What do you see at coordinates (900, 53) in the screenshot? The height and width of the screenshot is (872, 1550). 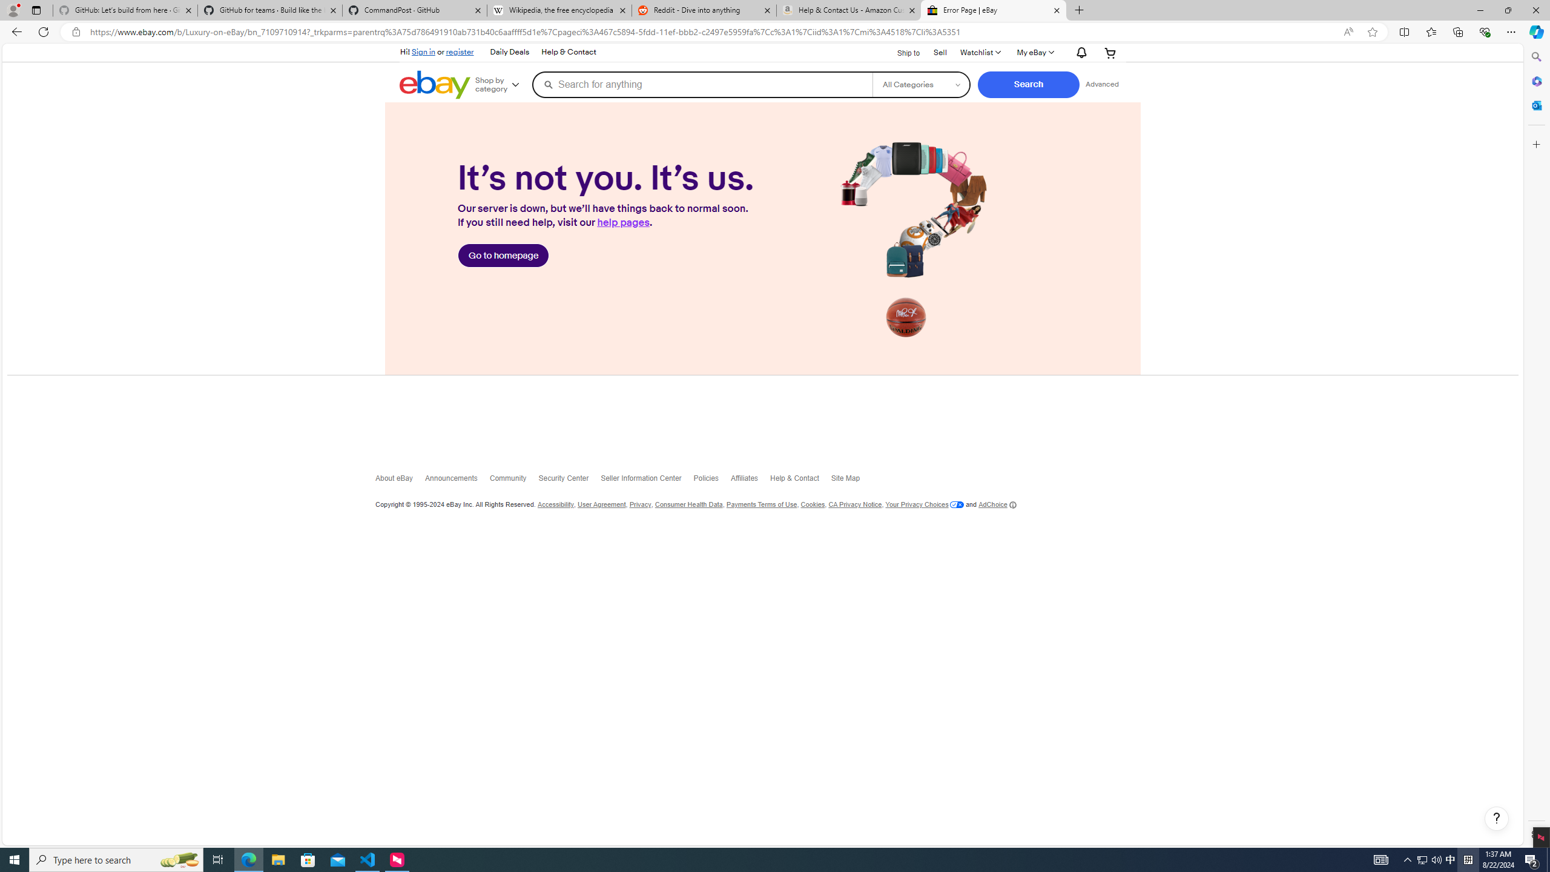 I see `'Ship to'` at bounding box center [900, 53].